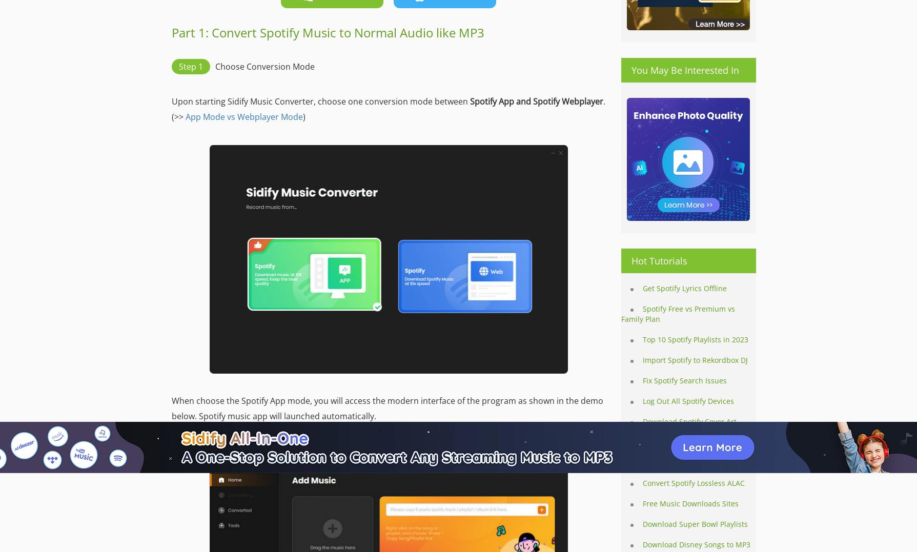  I want to click on 'Spotify Free vs Premium vs Family Plan', so click(678, 313).